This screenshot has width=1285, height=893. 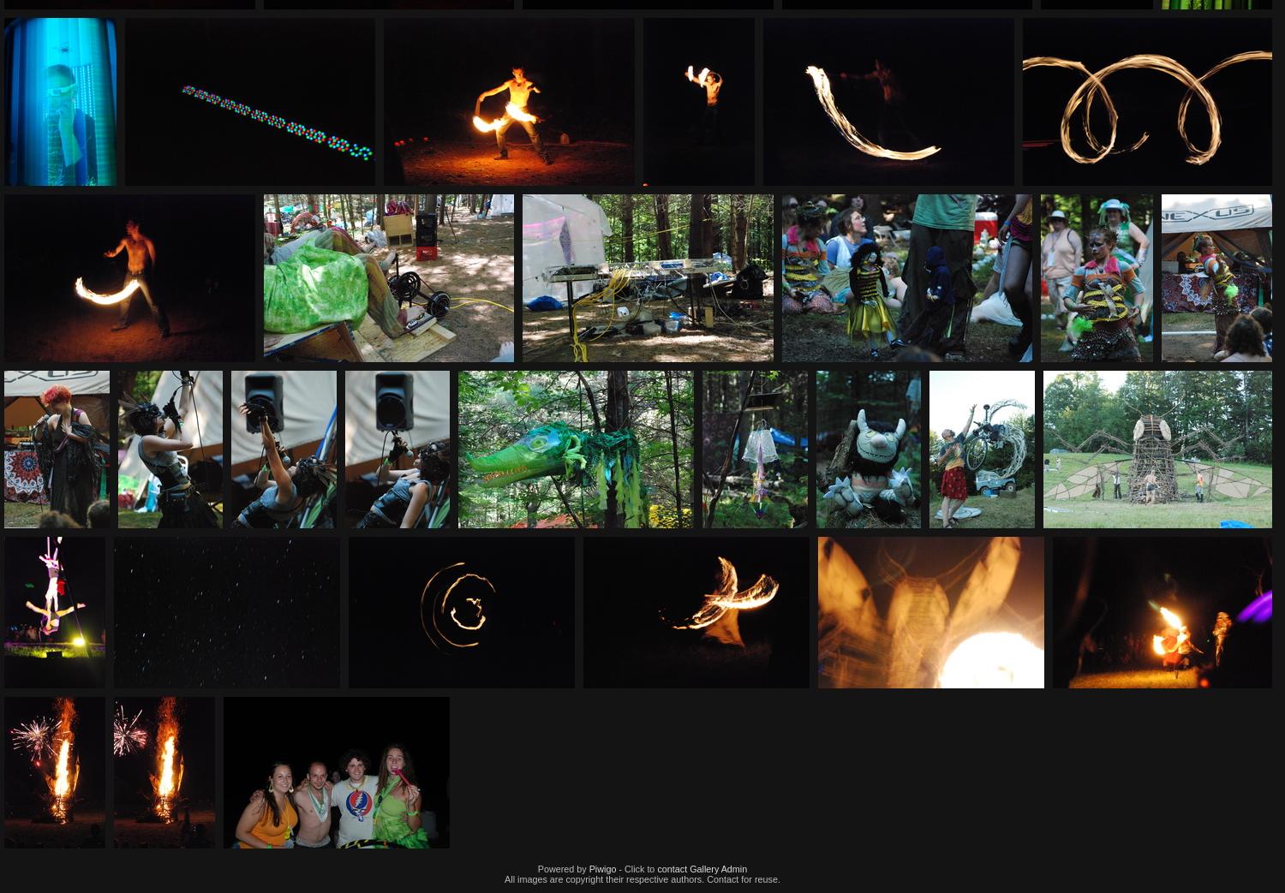 What do you see at coordinates (57, 860) in the screenshot?
I see `'IMG 894'` at bounding box center [57, 860].